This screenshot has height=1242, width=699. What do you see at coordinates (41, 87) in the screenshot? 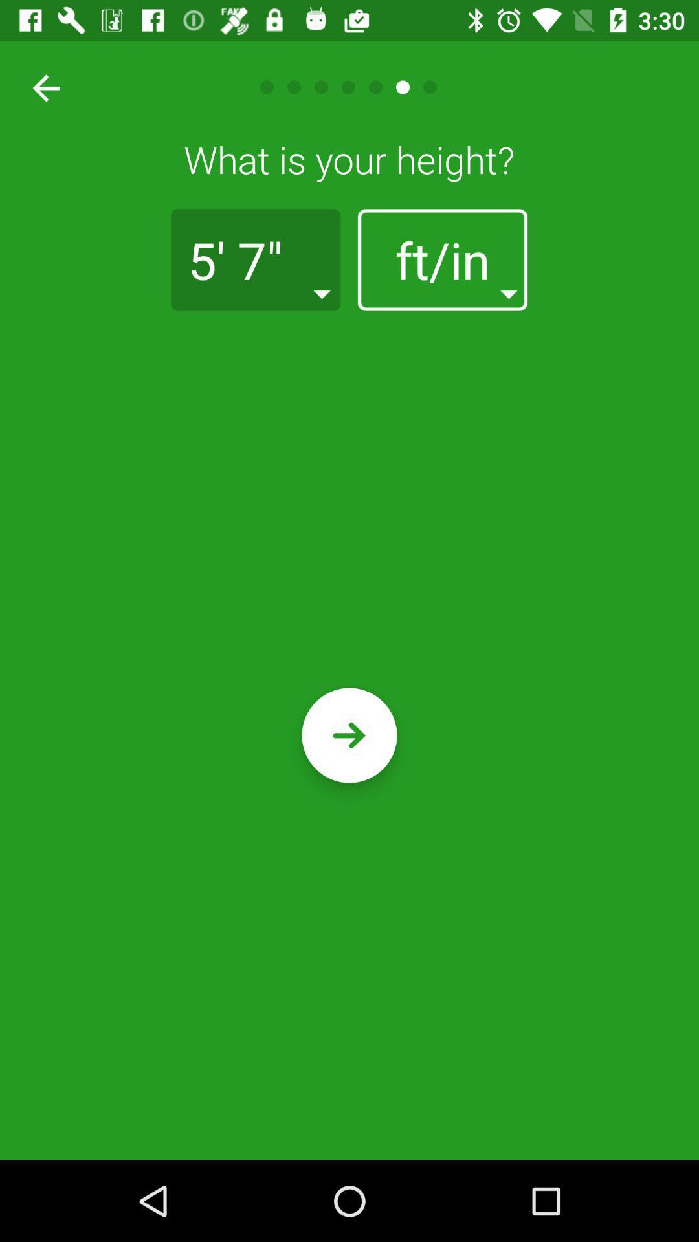
I see `go back` at bounding box center [41, 87].